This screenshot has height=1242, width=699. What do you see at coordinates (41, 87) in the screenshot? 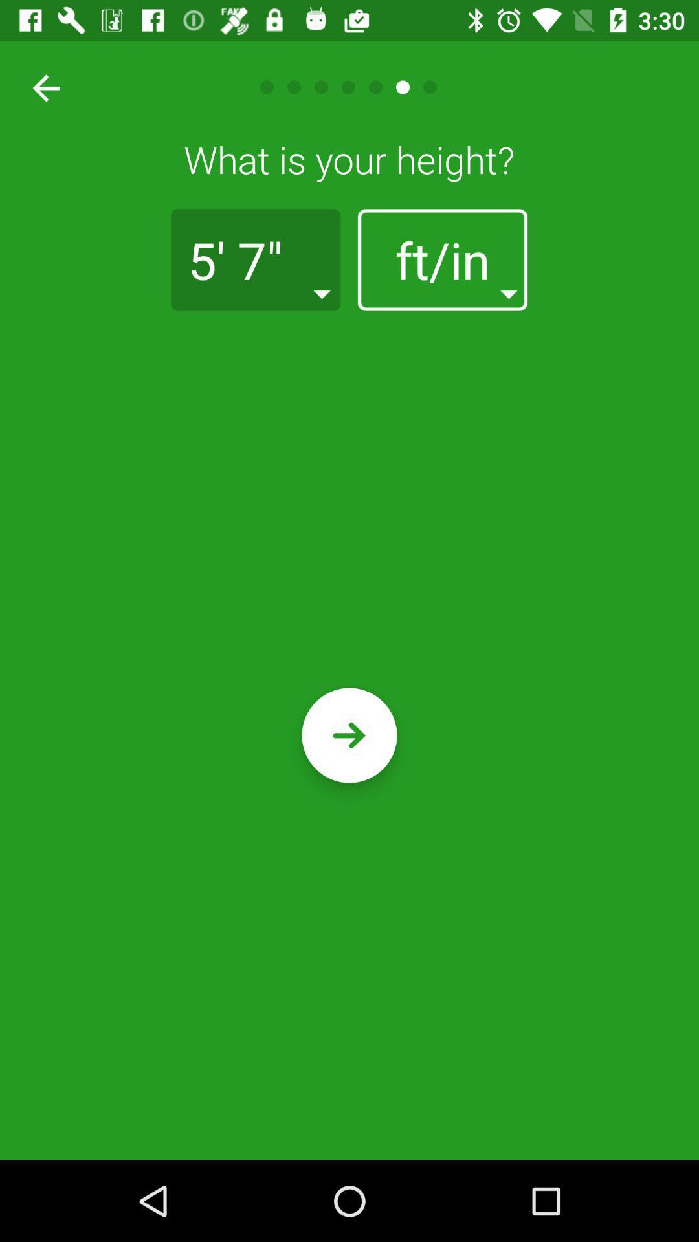
I see `go back` at bounding box center [41, 87].